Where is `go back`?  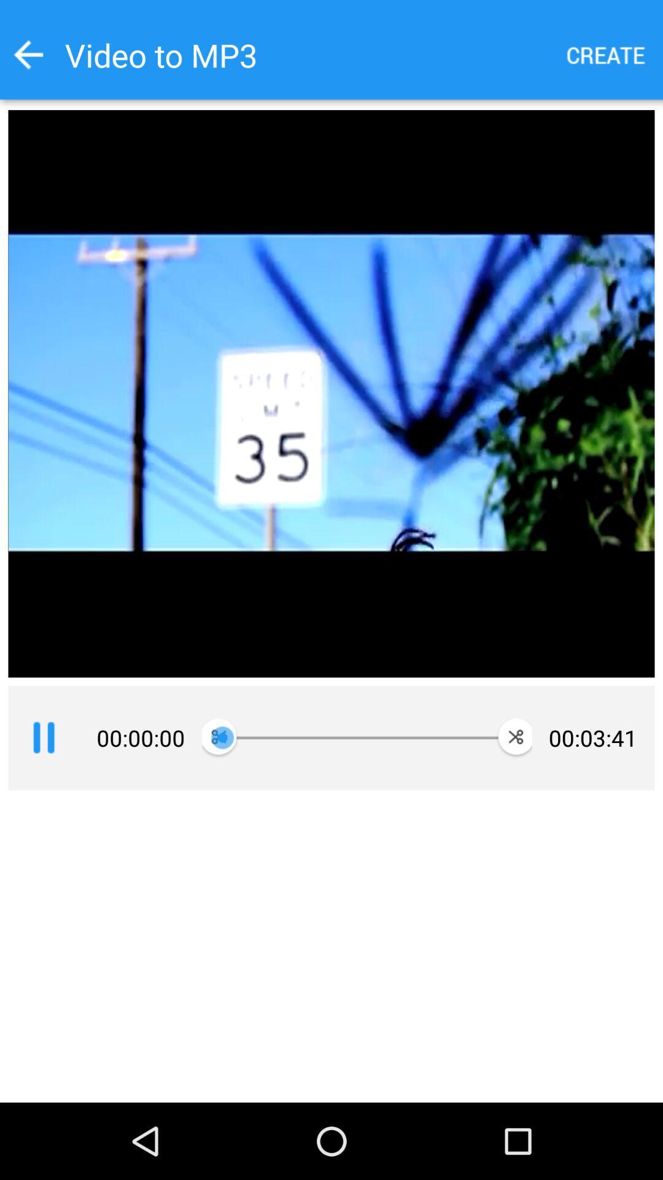
go back is located at coordinates (28, 54).